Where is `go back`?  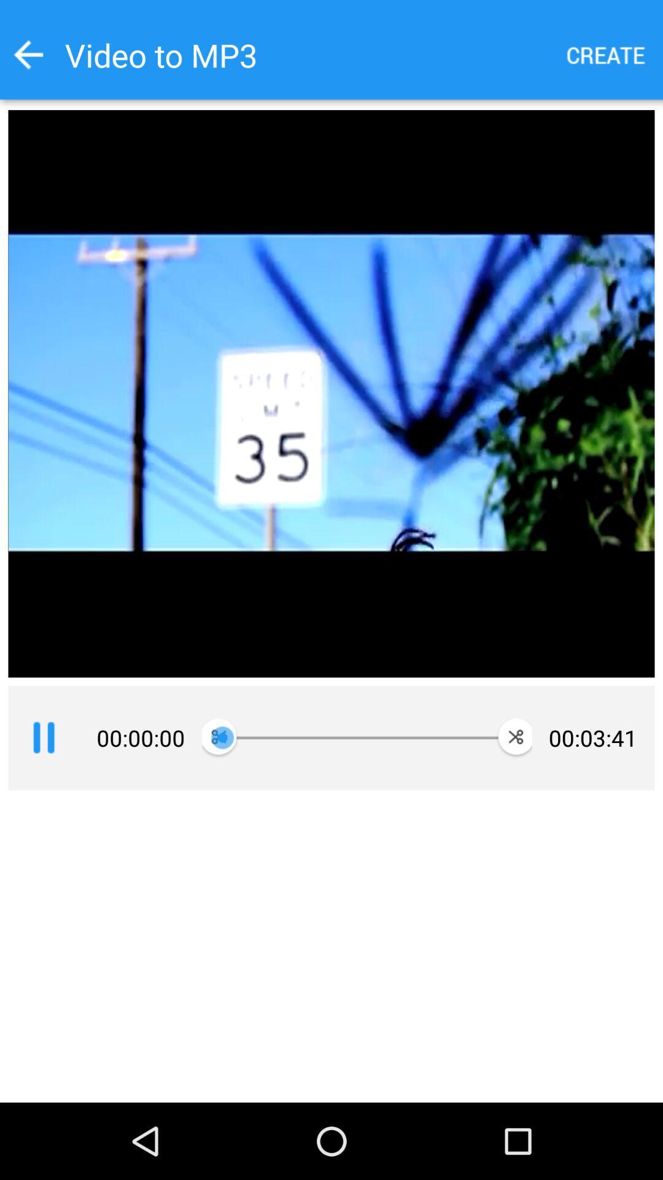
go back is located at coordinates (28, 54).